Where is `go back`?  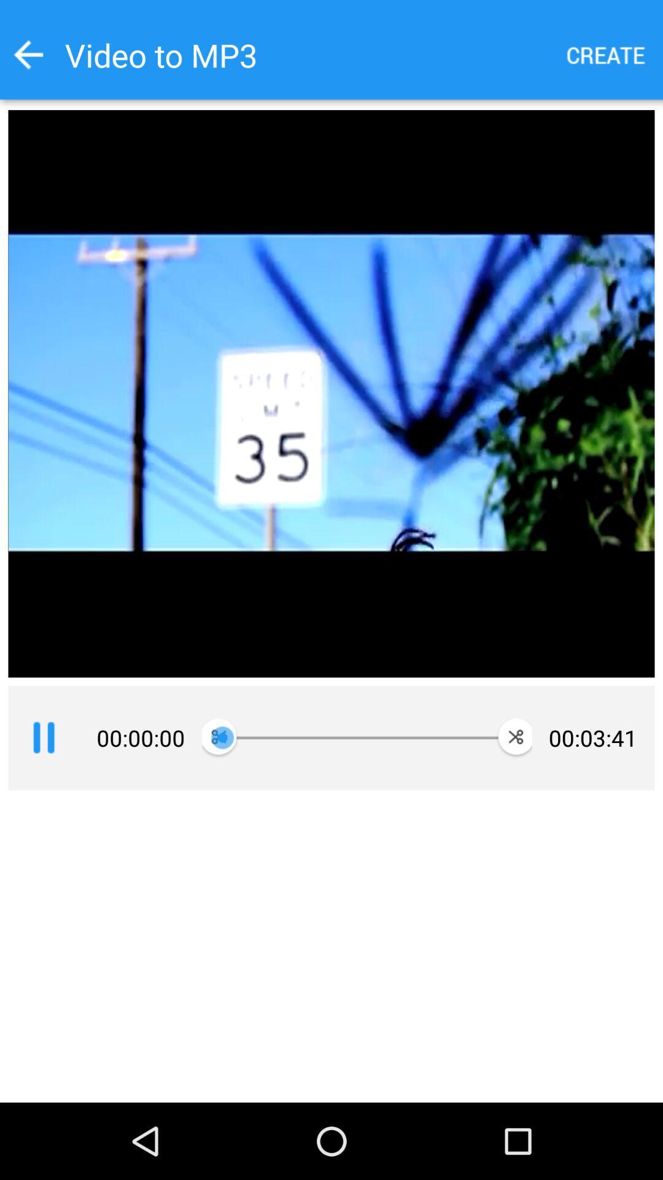
go back is located at coordinates (28, 54).